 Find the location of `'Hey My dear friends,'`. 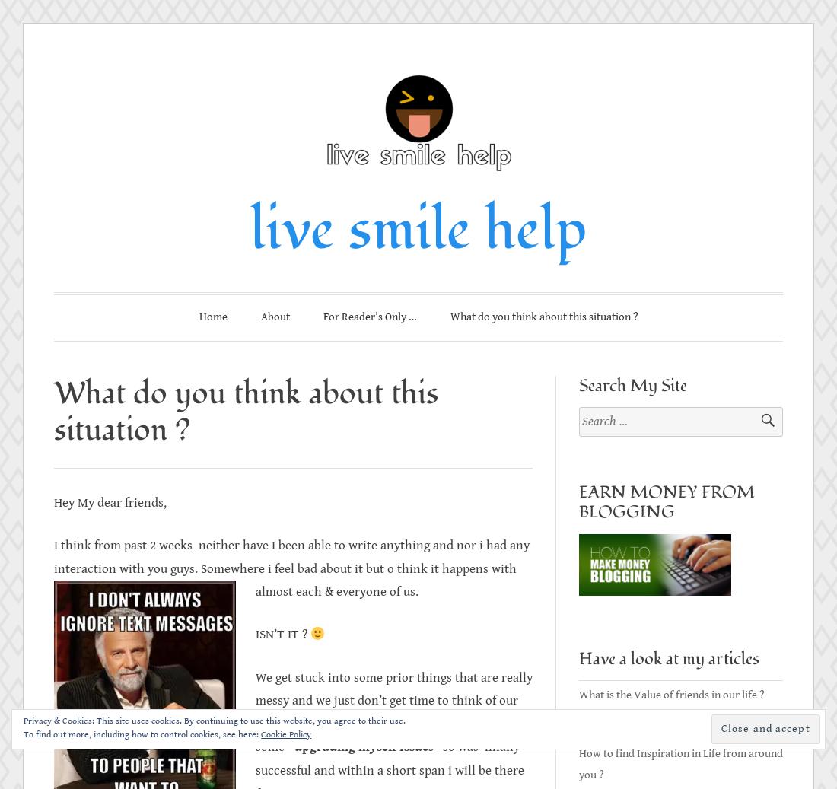

'Hey My dear friends,' is located at coordinates (109, 502).